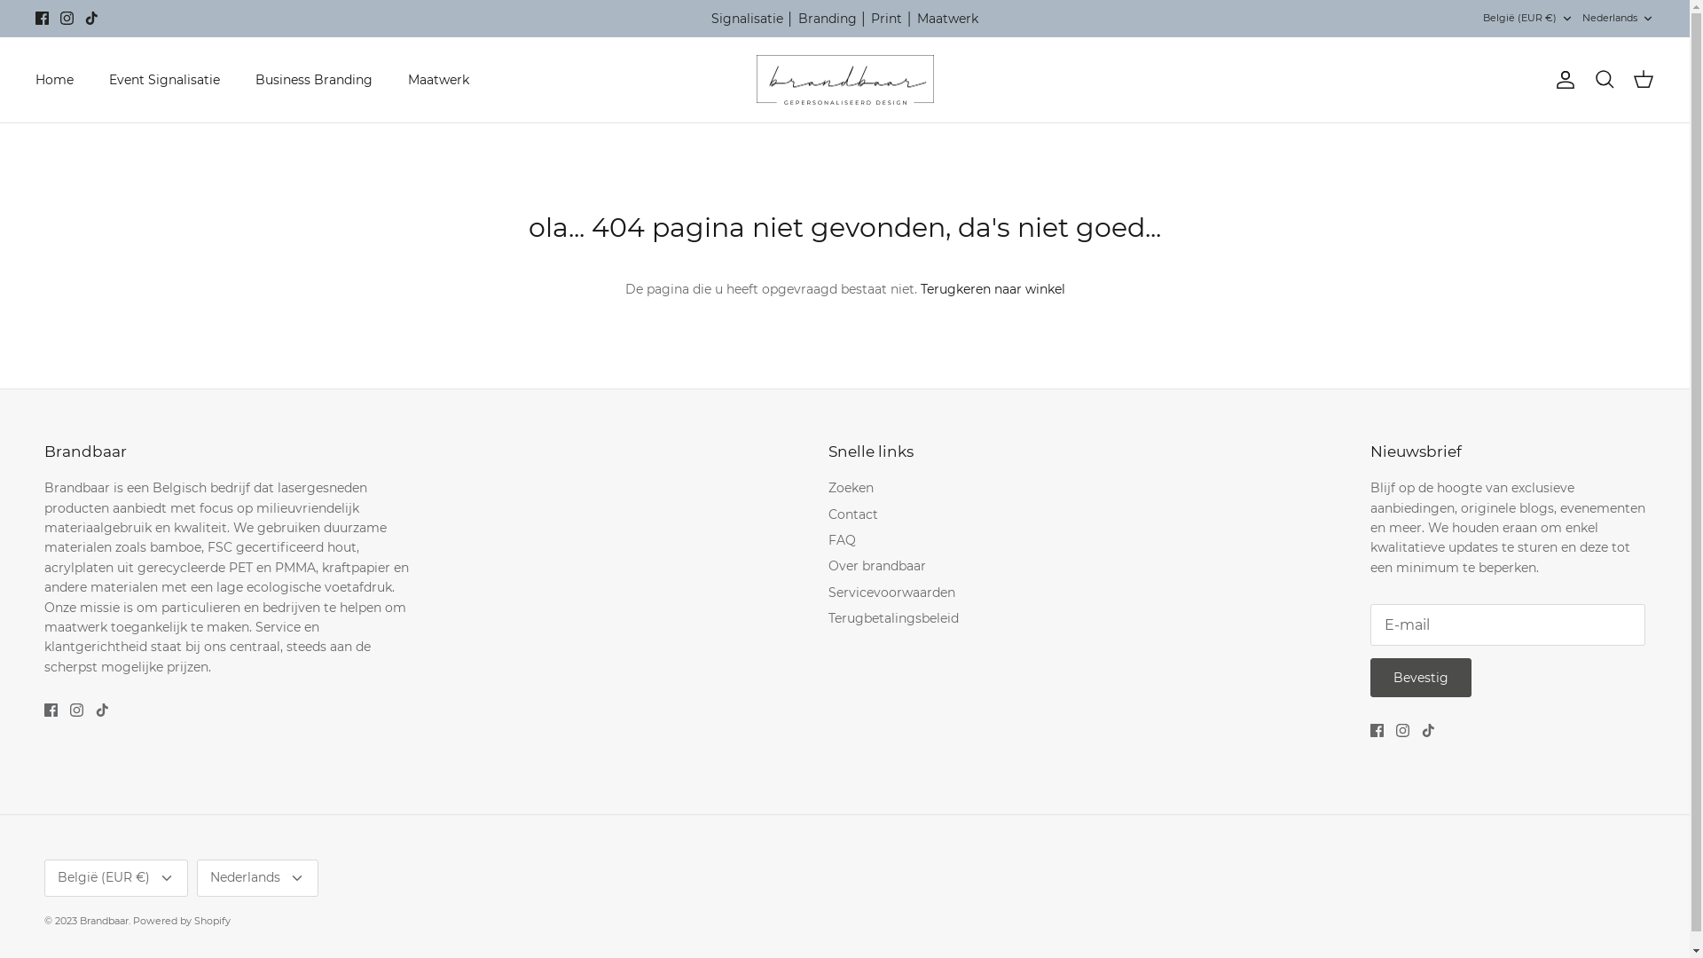 This screenshot has width=1703, height=958. What do you see at coordinates (1605, 78) in the screenshot?
I see `'Zoeken'` at bounding box center [1605, 78].